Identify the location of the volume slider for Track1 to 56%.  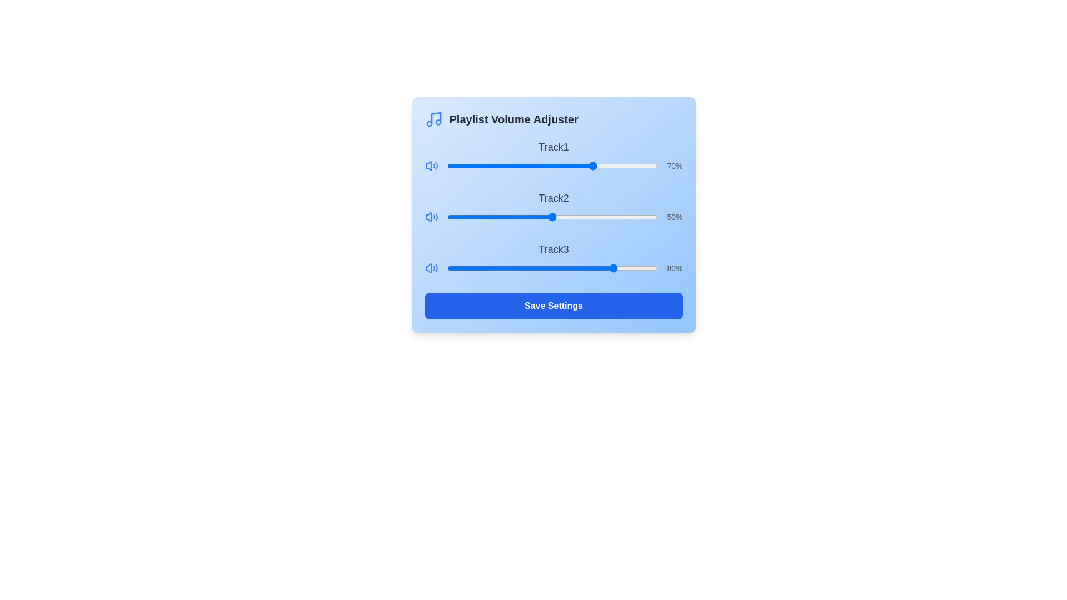
(565, 166).